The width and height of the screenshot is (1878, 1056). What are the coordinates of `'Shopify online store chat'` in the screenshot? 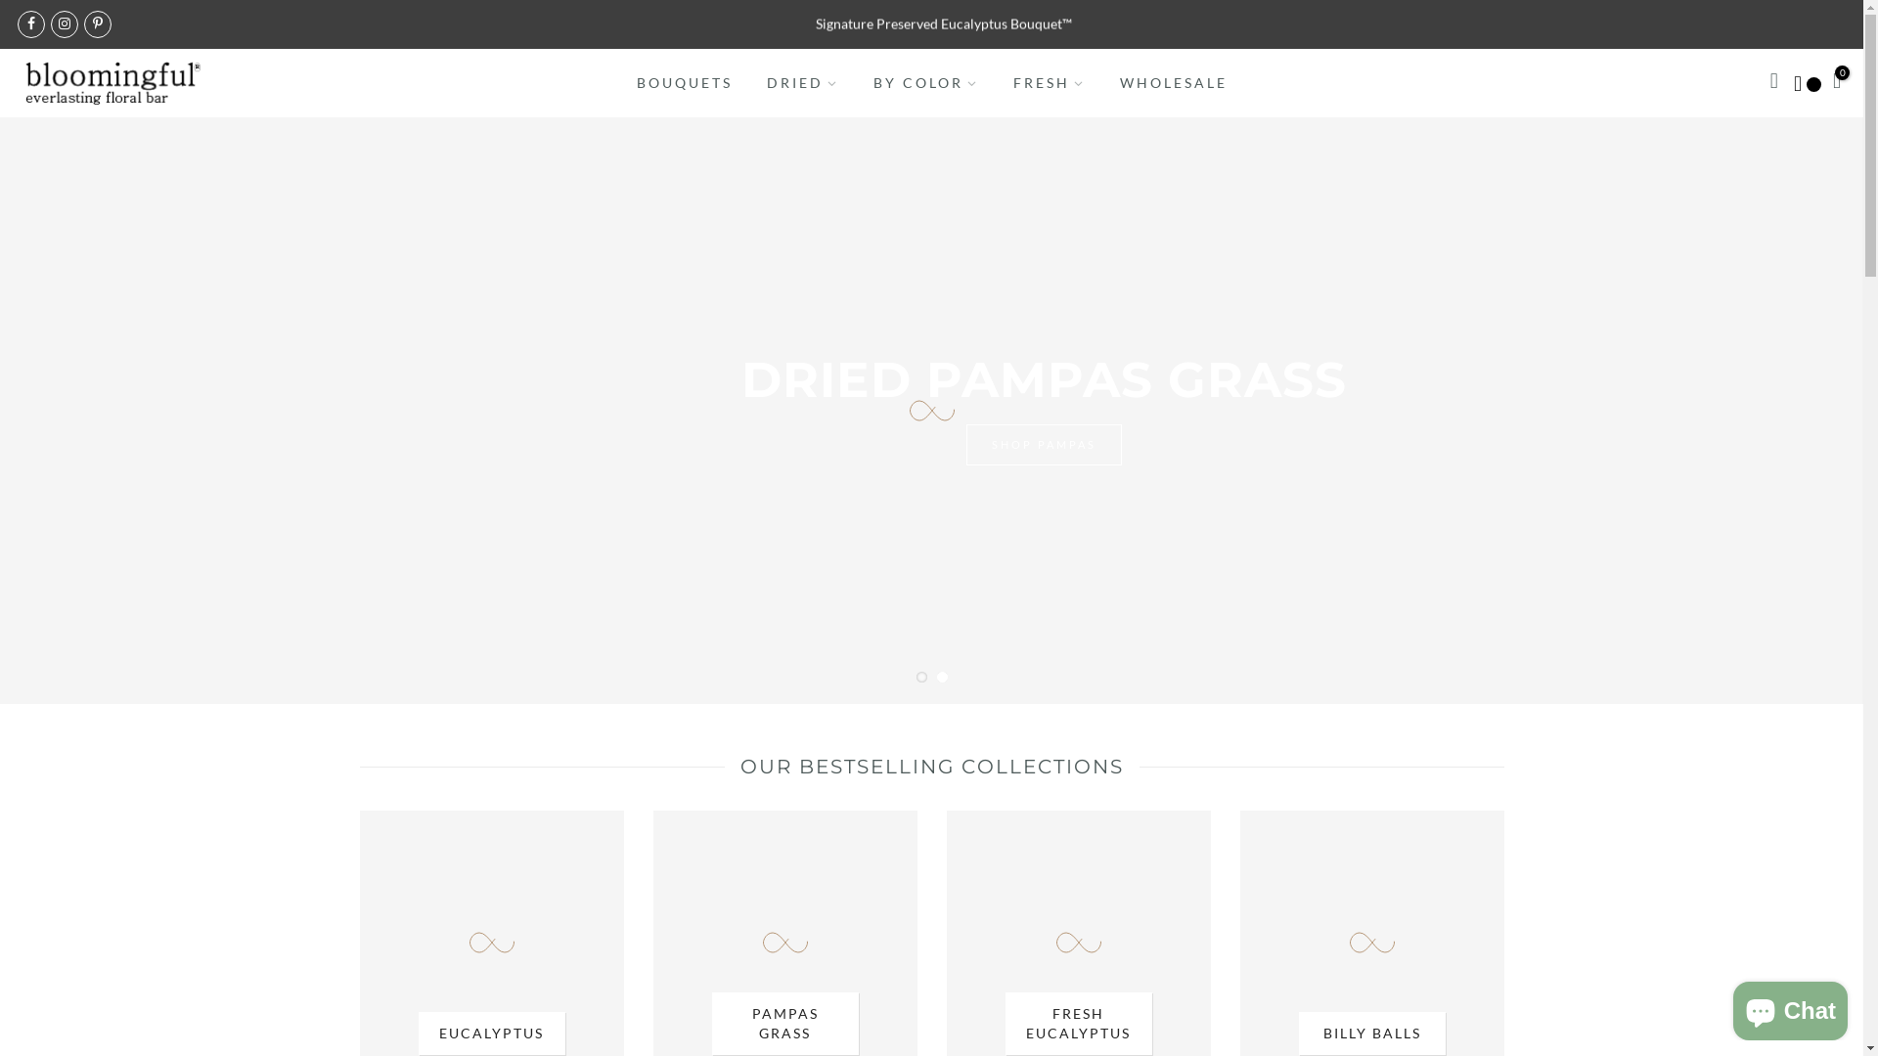 It's located at (1790, 1006).